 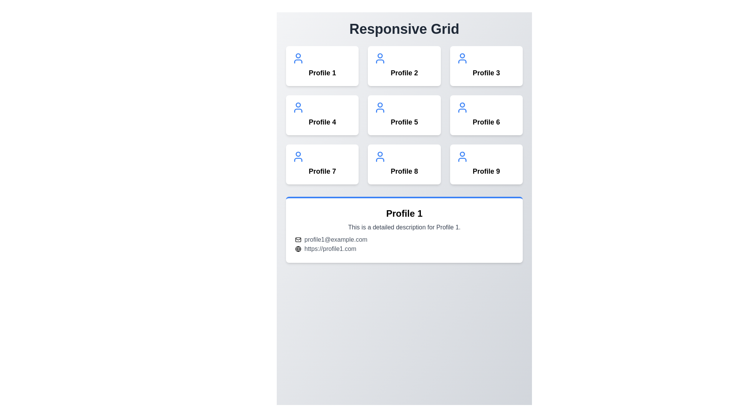 I want to click on the user profile icon located at the top center of the 'Profile 8' card, which visually represents a specific user, so click(x=380, y=156).